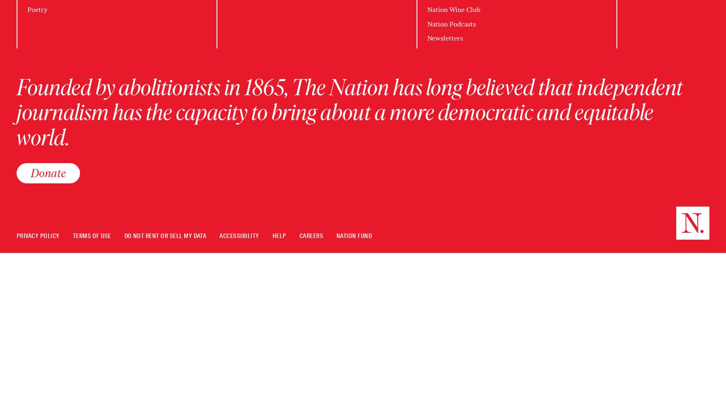  What do you see at coordinates (453, 10) in the screenshot?
I see `'Nation Wine Club'` at bounding box center [453, 10].